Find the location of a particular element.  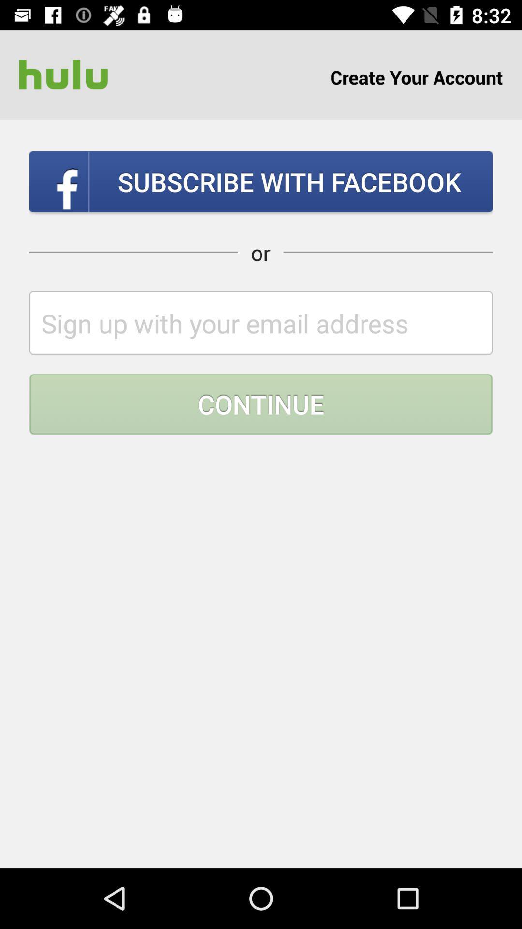

type your email address is located at coordinates (261, 323).